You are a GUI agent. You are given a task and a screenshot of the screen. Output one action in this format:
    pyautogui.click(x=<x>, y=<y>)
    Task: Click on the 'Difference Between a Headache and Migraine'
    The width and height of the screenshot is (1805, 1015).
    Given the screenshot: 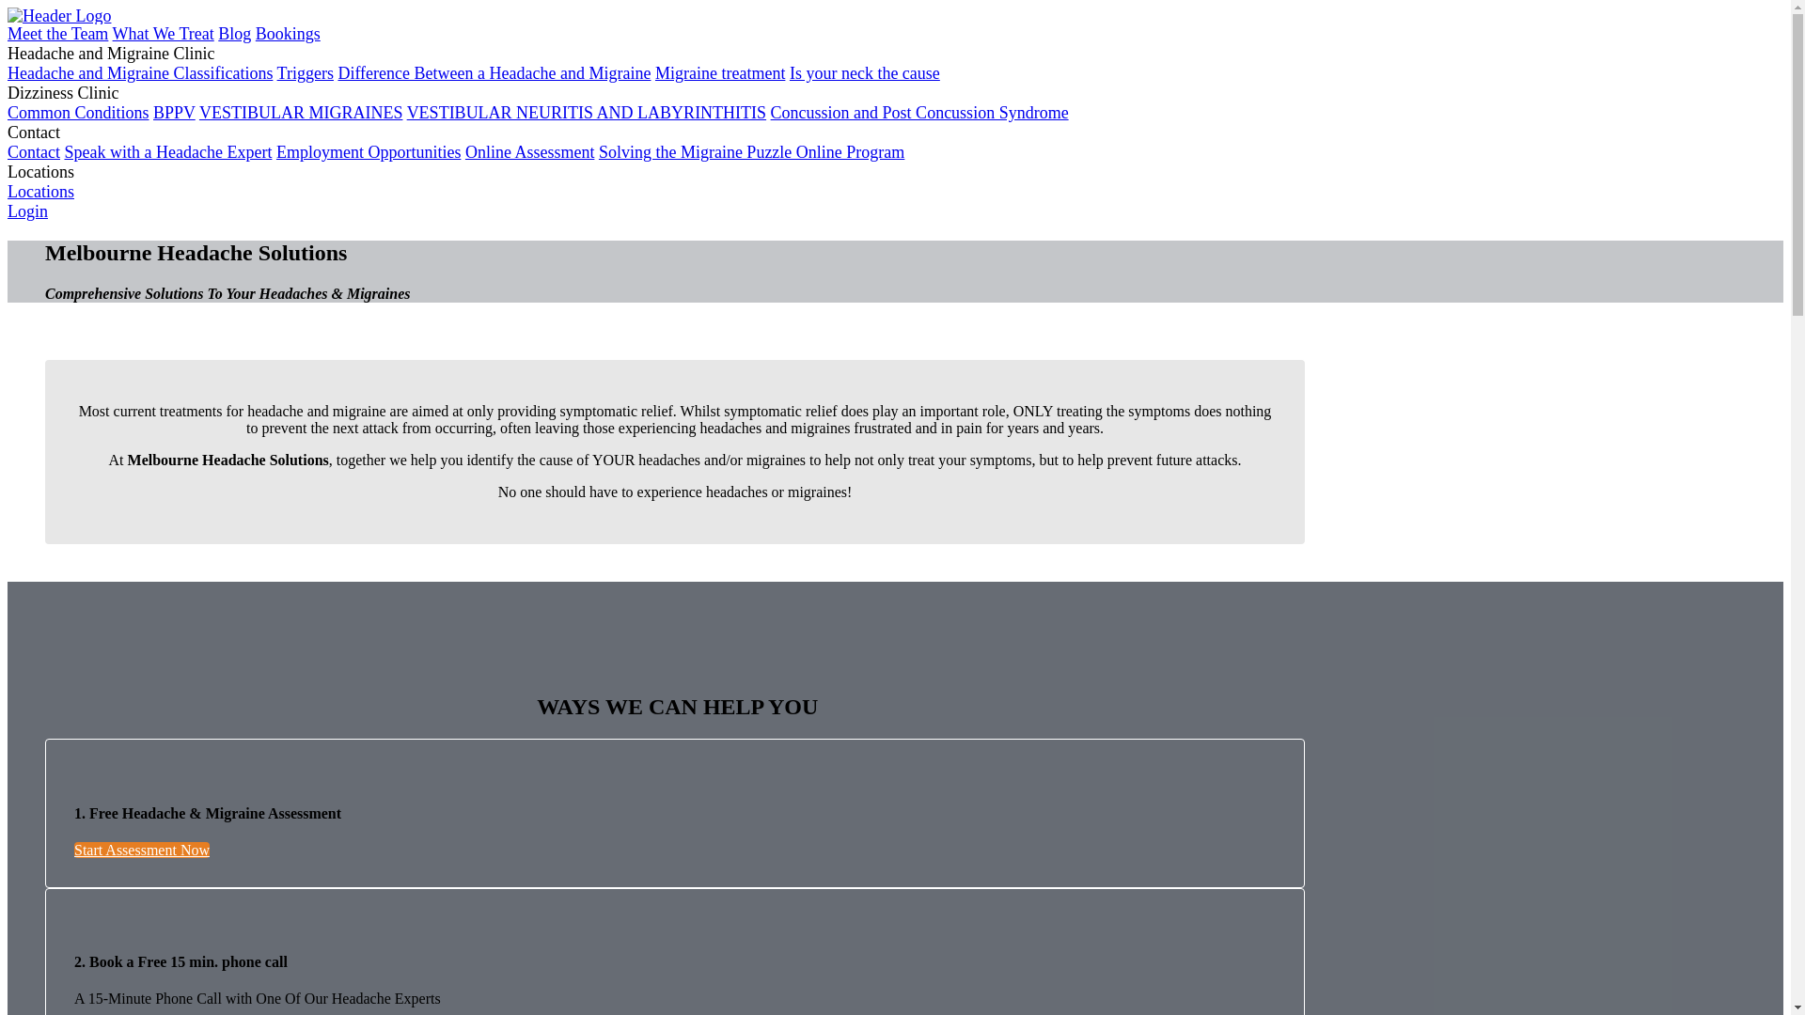 What is the action you would take?
    pyautogui.click(x=494, y=71)
    